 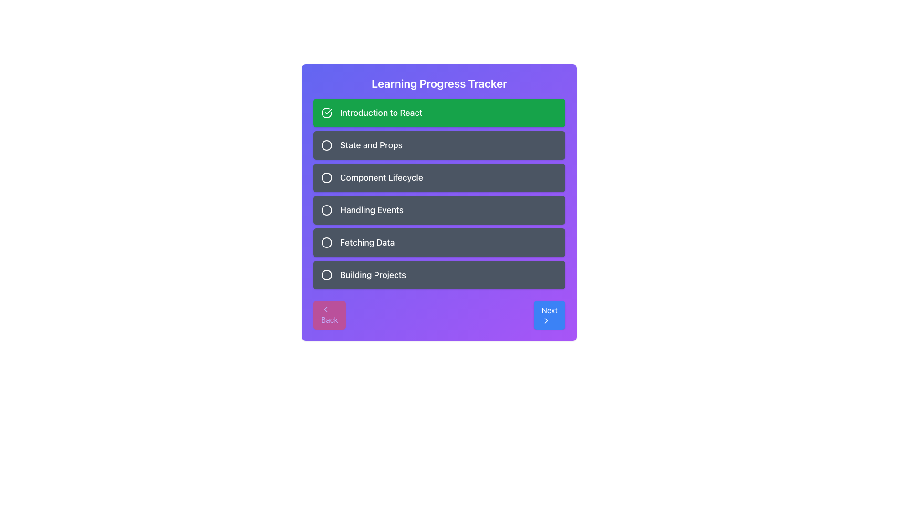 I want to click on the 'Next' button which contains the right-facing chevron arrow icon used for navigation, so click(x=546, y=320).